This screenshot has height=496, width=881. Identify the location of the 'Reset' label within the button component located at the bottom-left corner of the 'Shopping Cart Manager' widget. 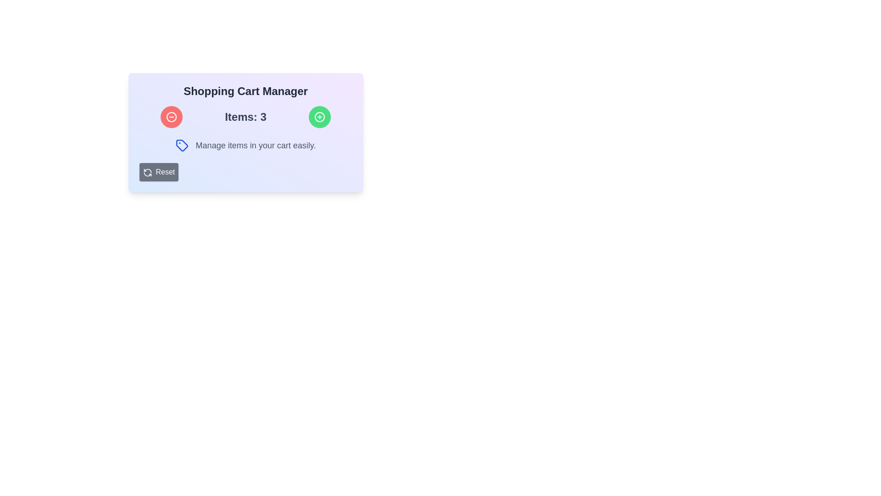
(165, 172).